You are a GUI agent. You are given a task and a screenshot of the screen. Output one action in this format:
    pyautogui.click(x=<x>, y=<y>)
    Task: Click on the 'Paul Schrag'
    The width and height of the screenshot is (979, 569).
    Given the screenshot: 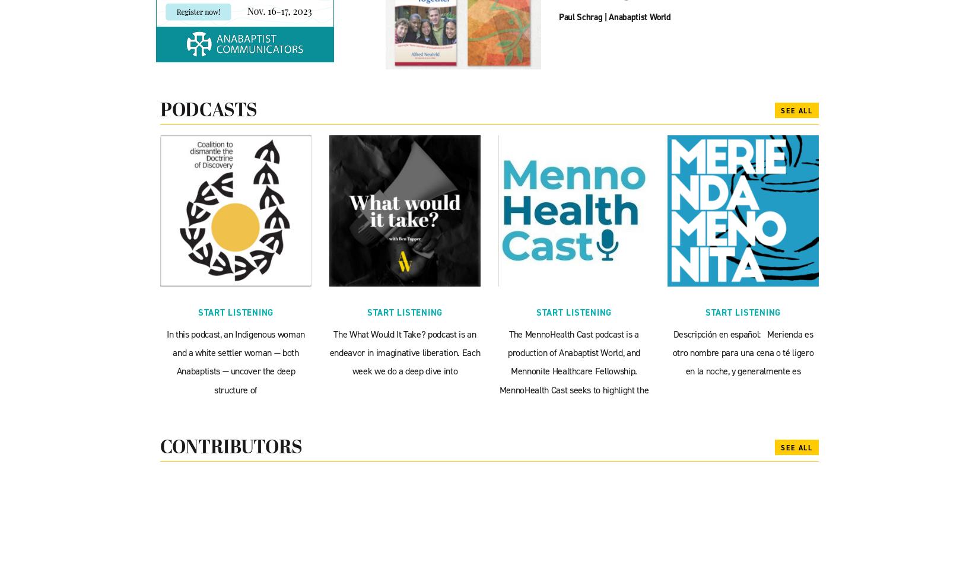 What is the action you would take?
    pyautogui.click(x=580, y=16)
    